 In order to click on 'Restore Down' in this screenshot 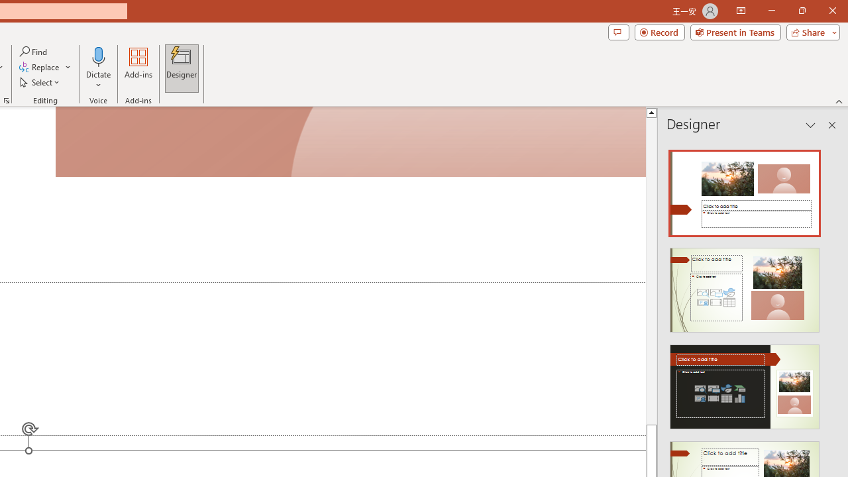, I will do `click(801, 11)`.